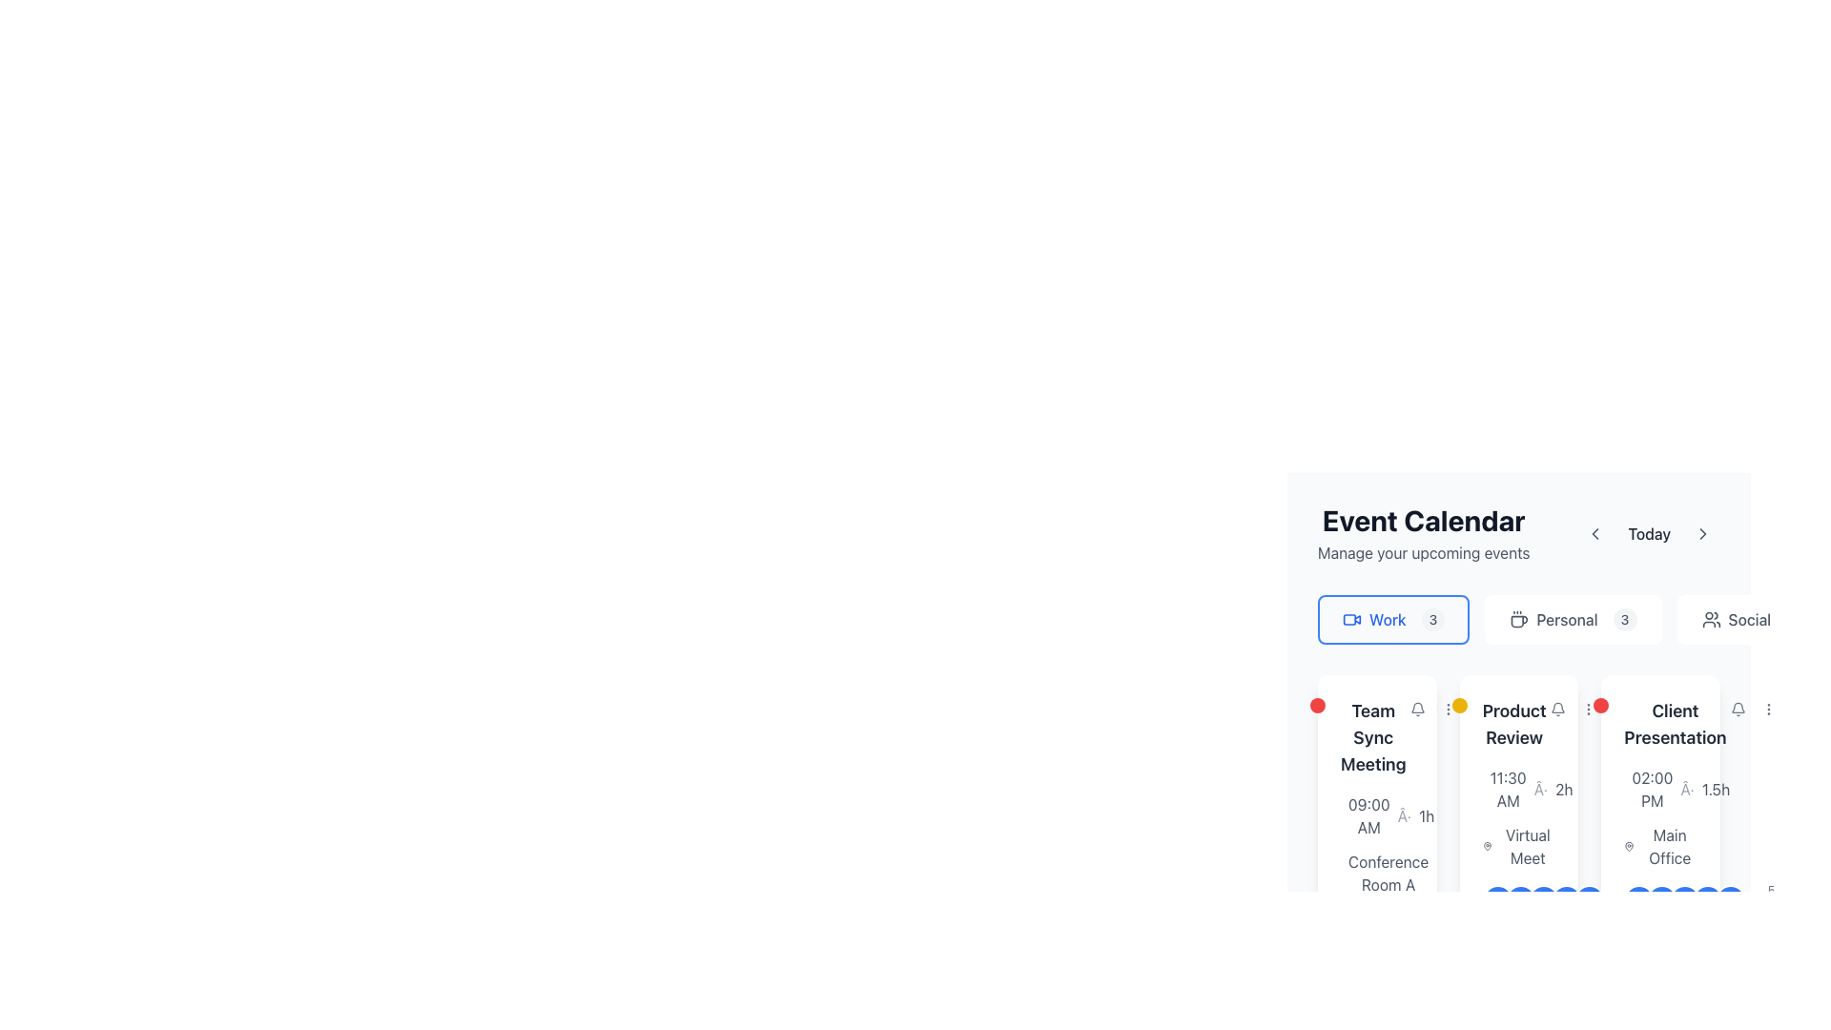 This screenshot has width=1831, height=1030. Describe the element at coordinates (1767, 710) in the screenshot. I see `the options button located on the far right side of the icon group, adjacent to the bell icon` at that location.